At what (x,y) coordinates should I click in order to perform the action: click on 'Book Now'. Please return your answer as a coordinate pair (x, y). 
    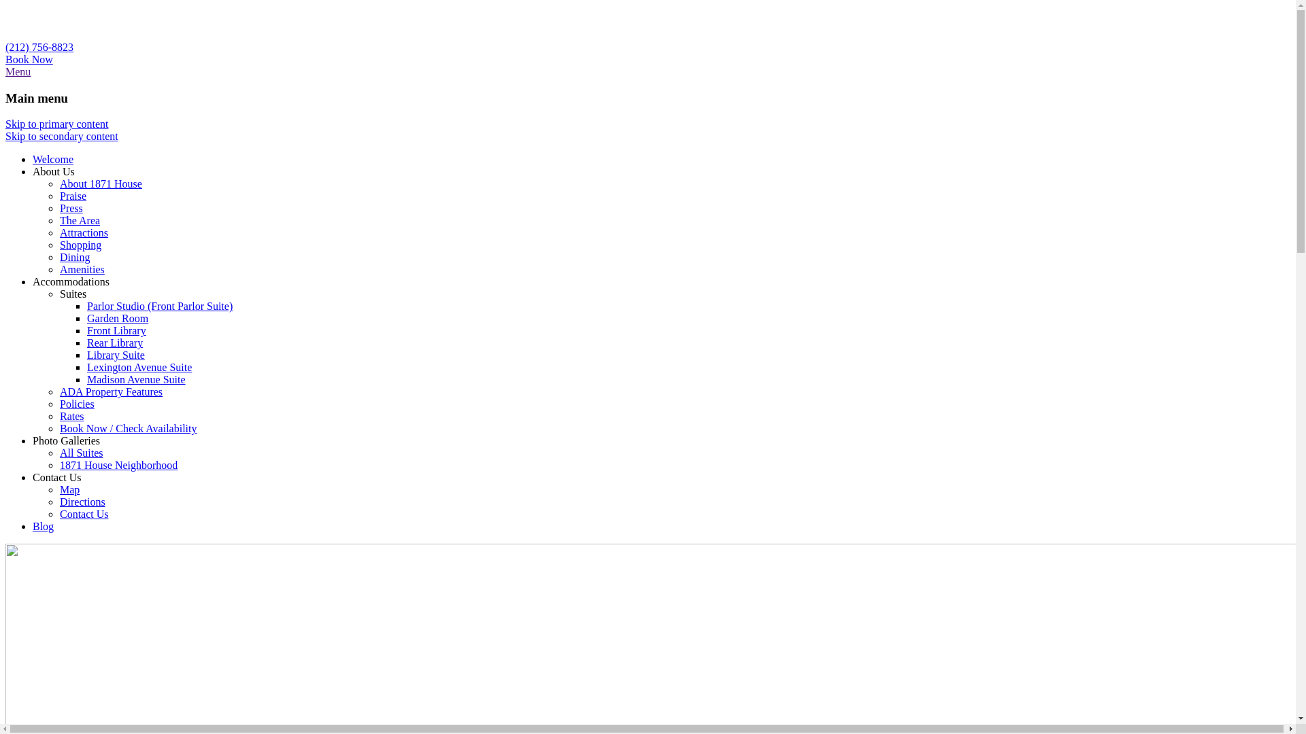
    Looking at the image, I should click on (5, 58).